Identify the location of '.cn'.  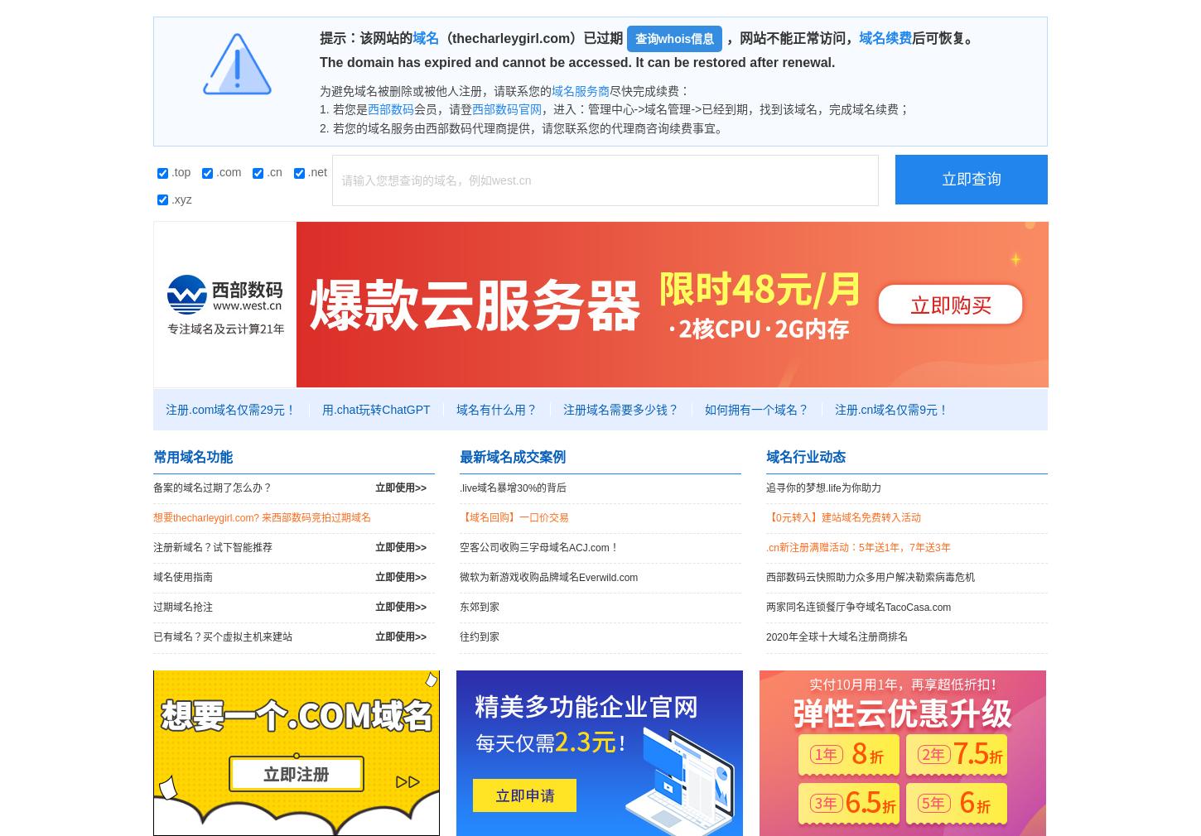
(273, 171).